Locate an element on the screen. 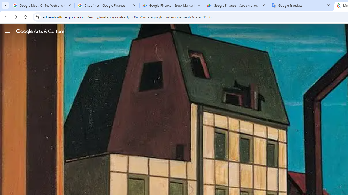 The height and width of the screenshot is (195, 348). 'Google Arts & Culture' is located at coordinates (40, 31).